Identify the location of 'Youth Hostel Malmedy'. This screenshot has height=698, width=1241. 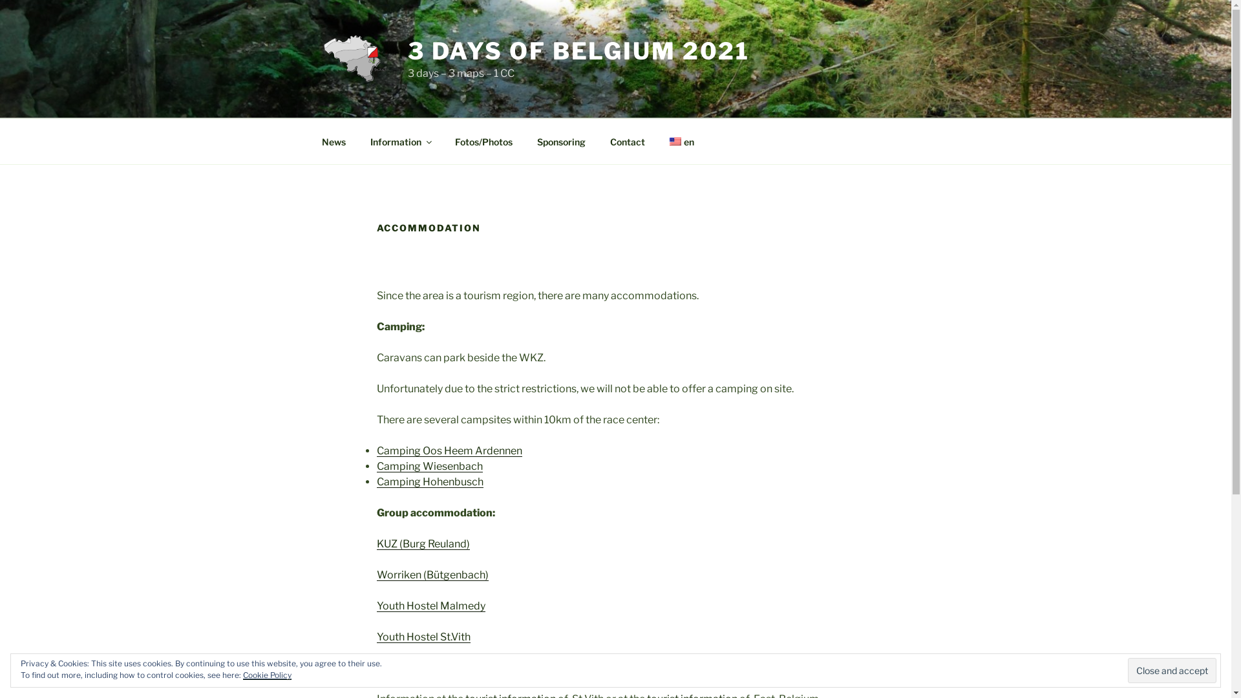
(430, 606).